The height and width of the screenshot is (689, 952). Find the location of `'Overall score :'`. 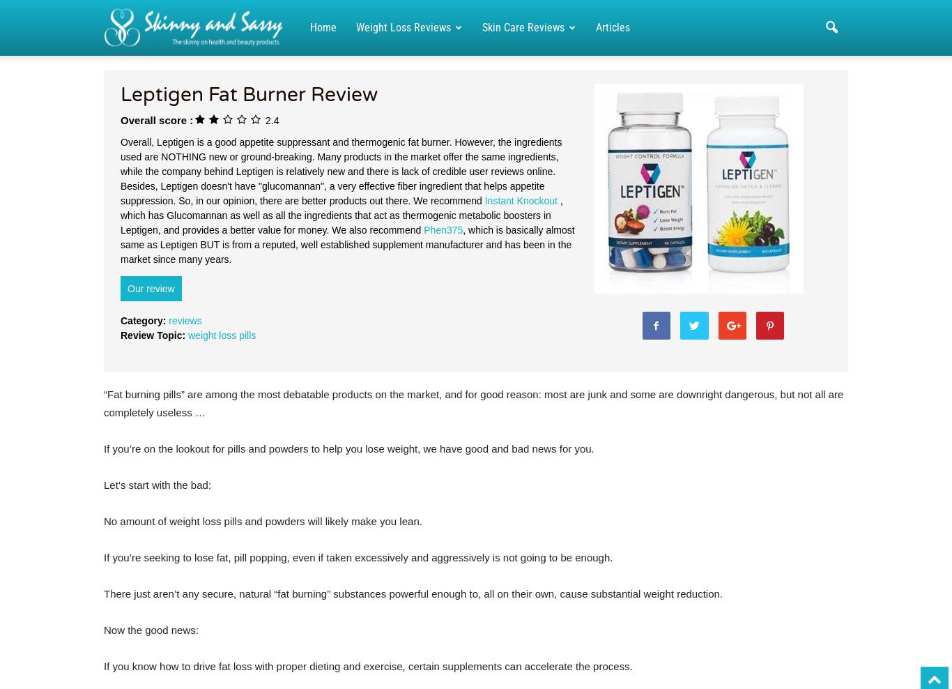

'Overall score :' is located at coordinates (155, 119).